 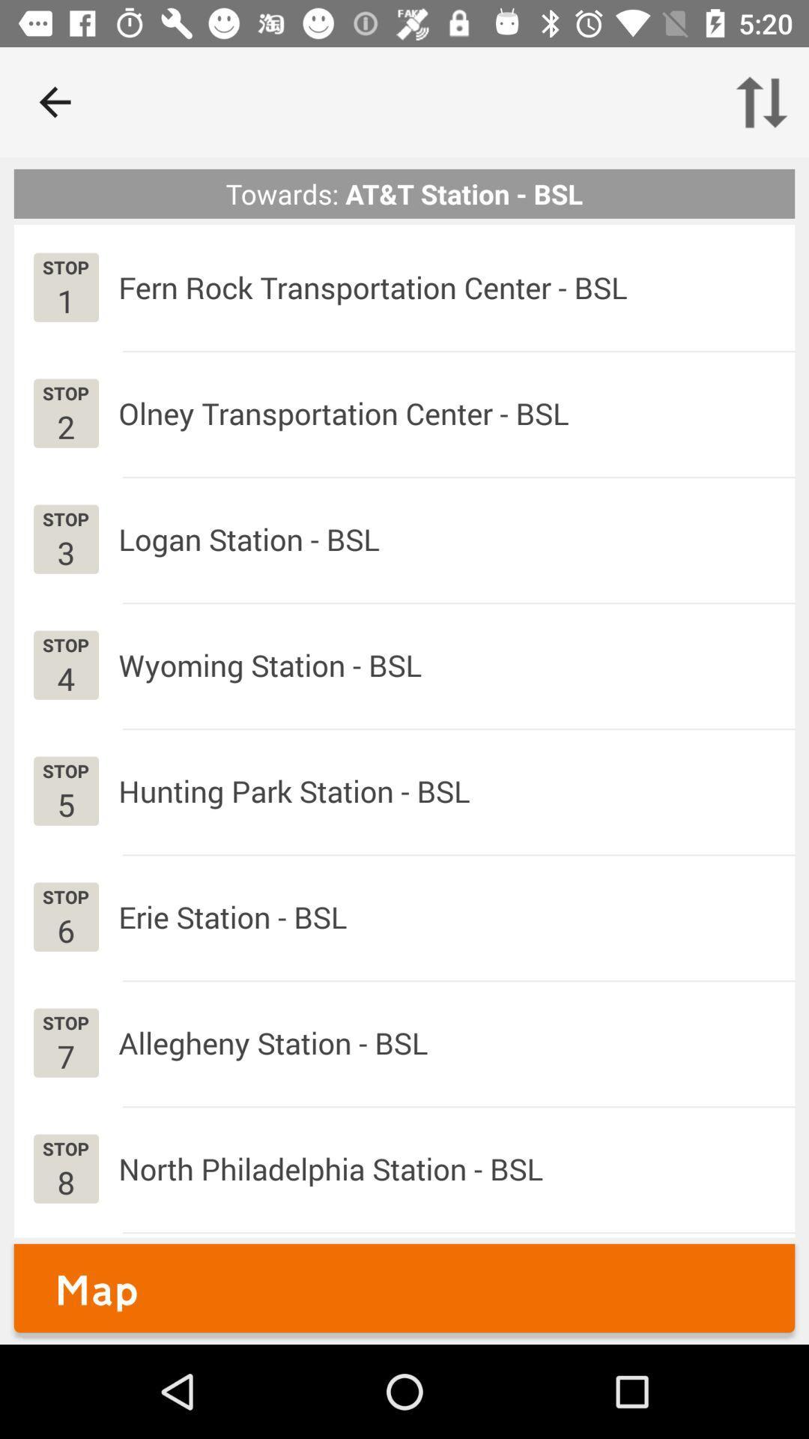 What do you see at coordinates (65, 678) in the screenshot?
I see `app below stop app` at bounding box center [65, 678].